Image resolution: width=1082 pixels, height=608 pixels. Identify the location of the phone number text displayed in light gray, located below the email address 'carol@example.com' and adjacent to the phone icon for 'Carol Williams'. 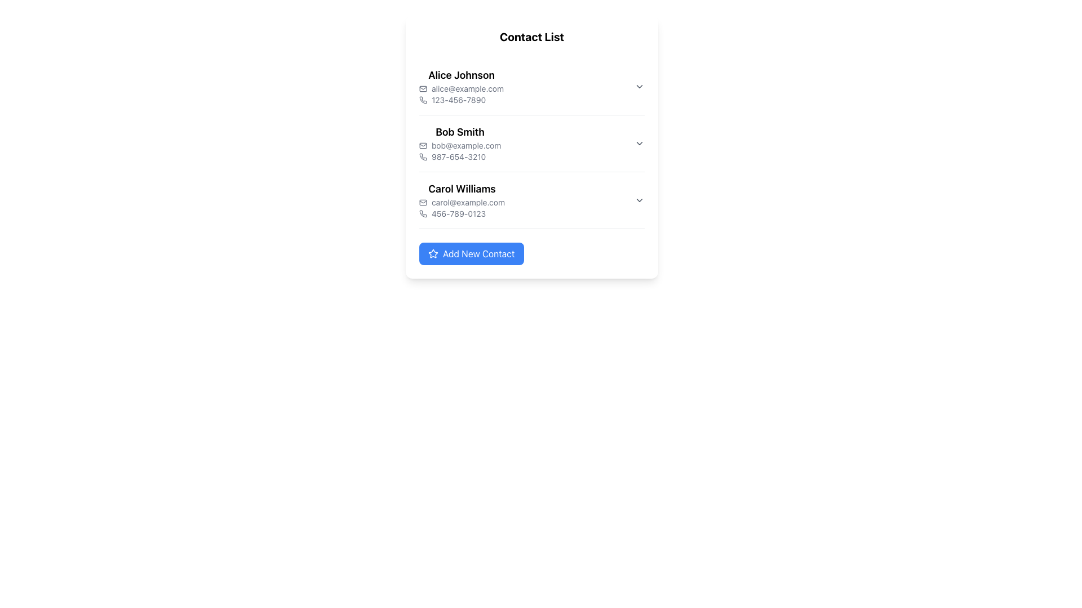
(462, 214).